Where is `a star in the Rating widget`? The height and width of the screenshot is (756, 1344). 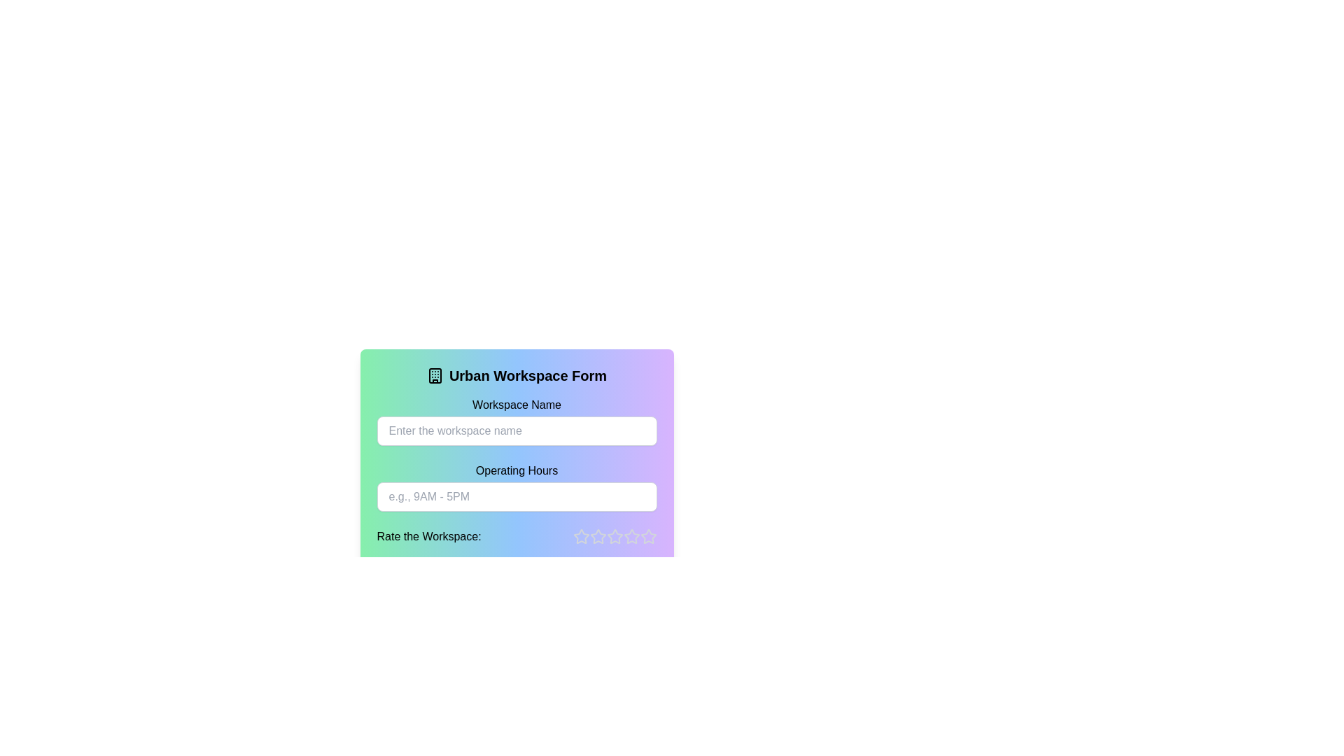
a star in the Rating widget is located at coordinates (516, 536).